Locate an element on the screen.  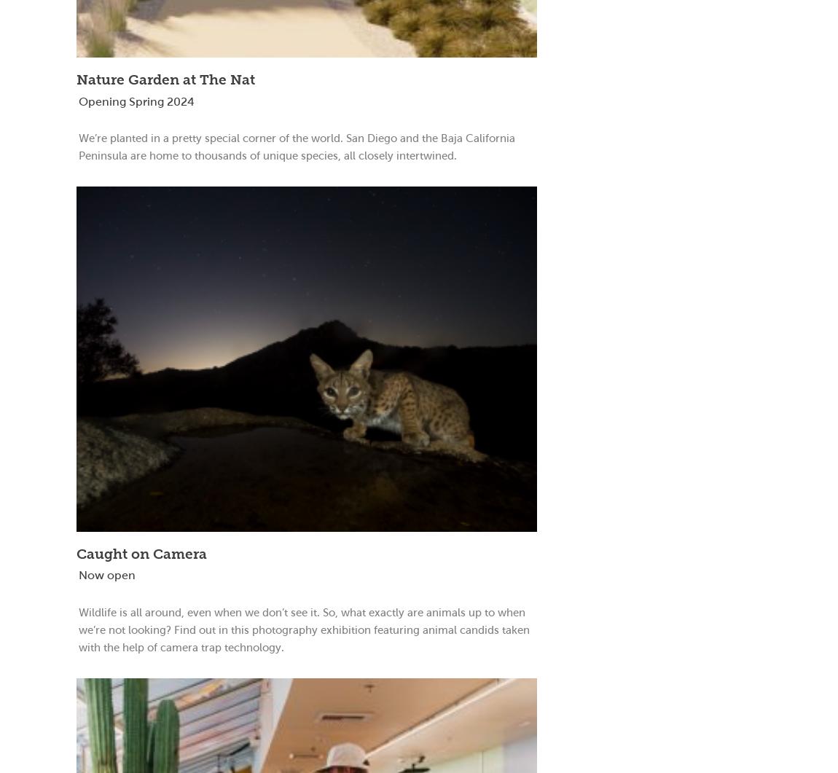
'is' is located at coordinates (118, 611).